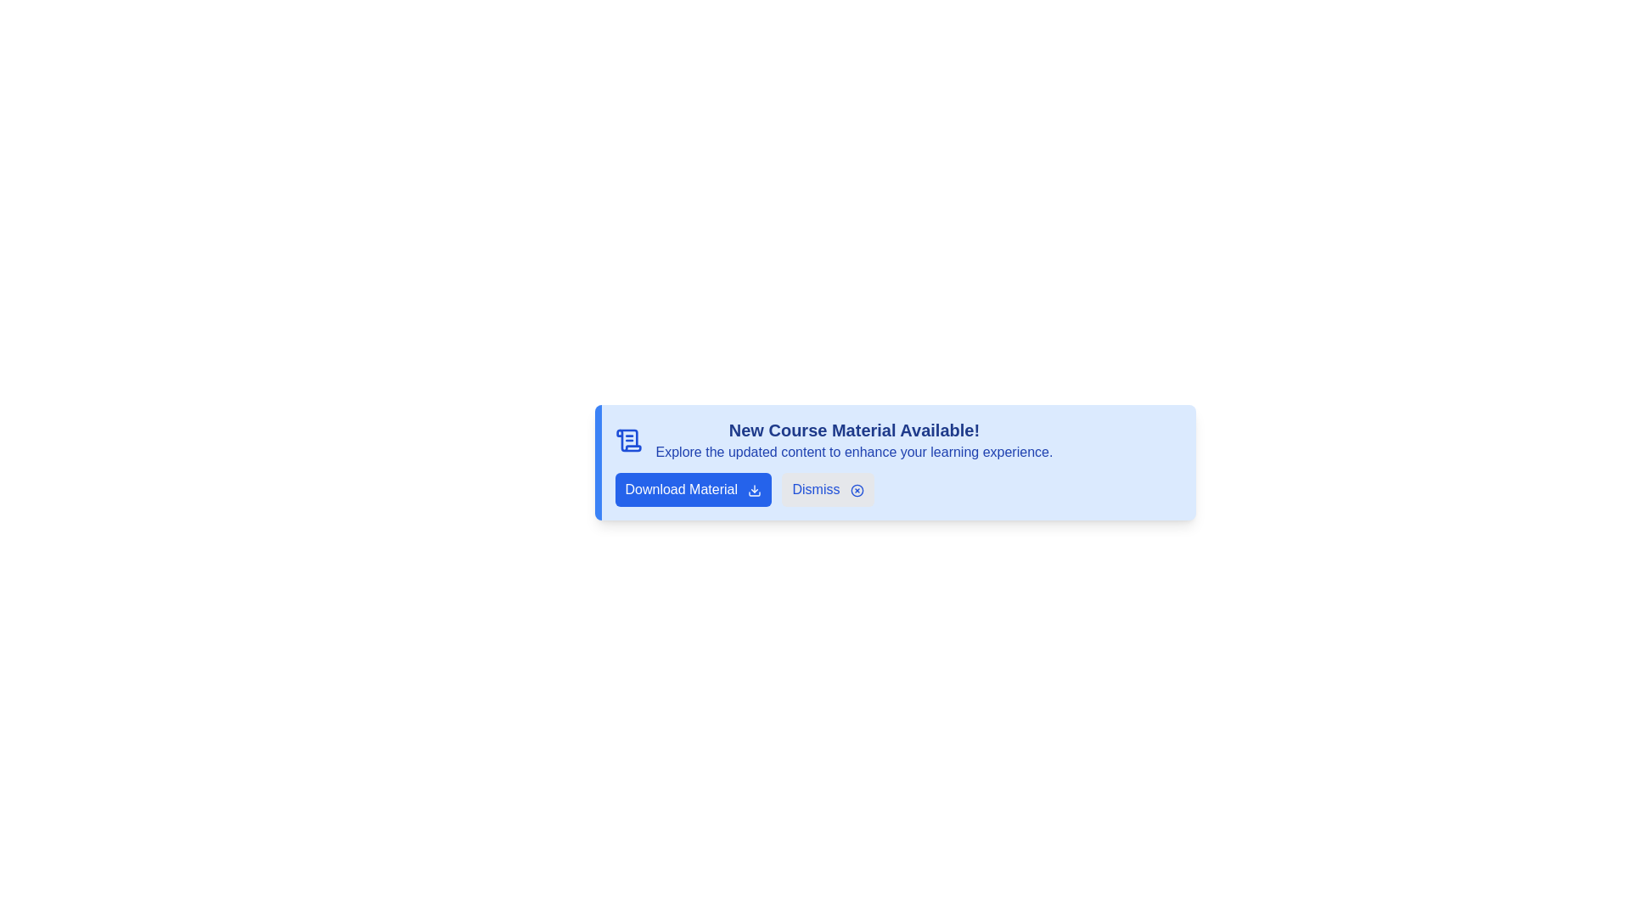 This screenshot has width=1630, height=917. Describe the element at coordinates (828, 490) in the screenshot. I see `the 'Dismiss' button to hide the alert` at that location.